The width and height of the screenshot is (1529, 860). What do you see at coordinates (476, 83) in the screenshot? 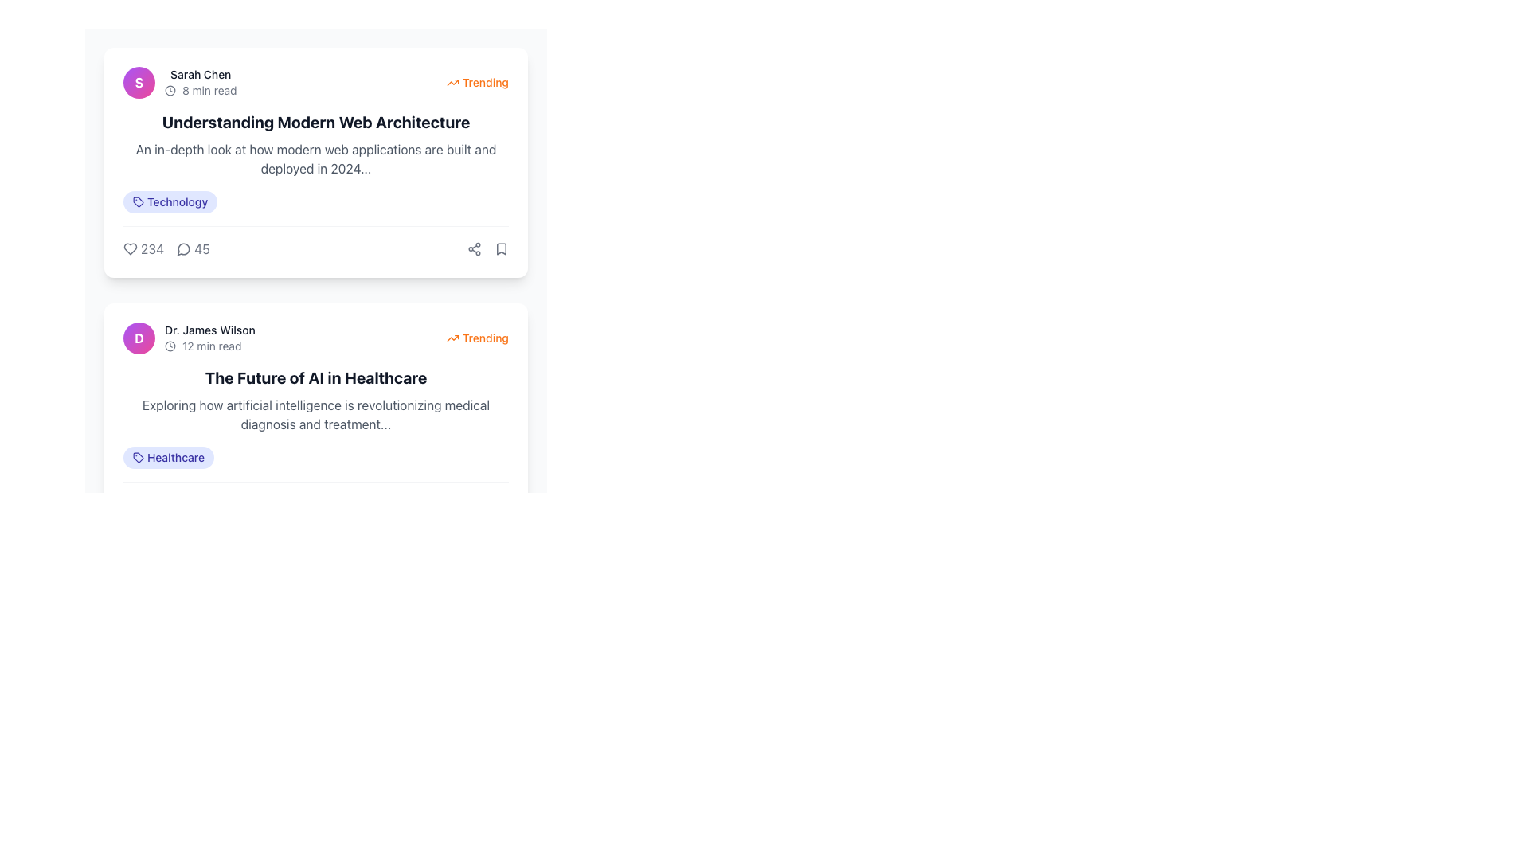
I see `the 'Trending' text label with an orange color and an arrow icon located in the top-right corner of the content card` at bounding box center [476, 83].